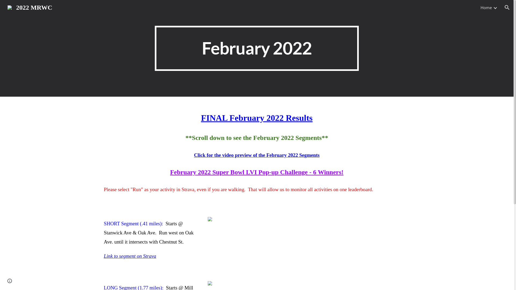  What do you see at coordinates (486, 7) in the screenshot?
I see `'Home'` at bounding box center [486, 7].